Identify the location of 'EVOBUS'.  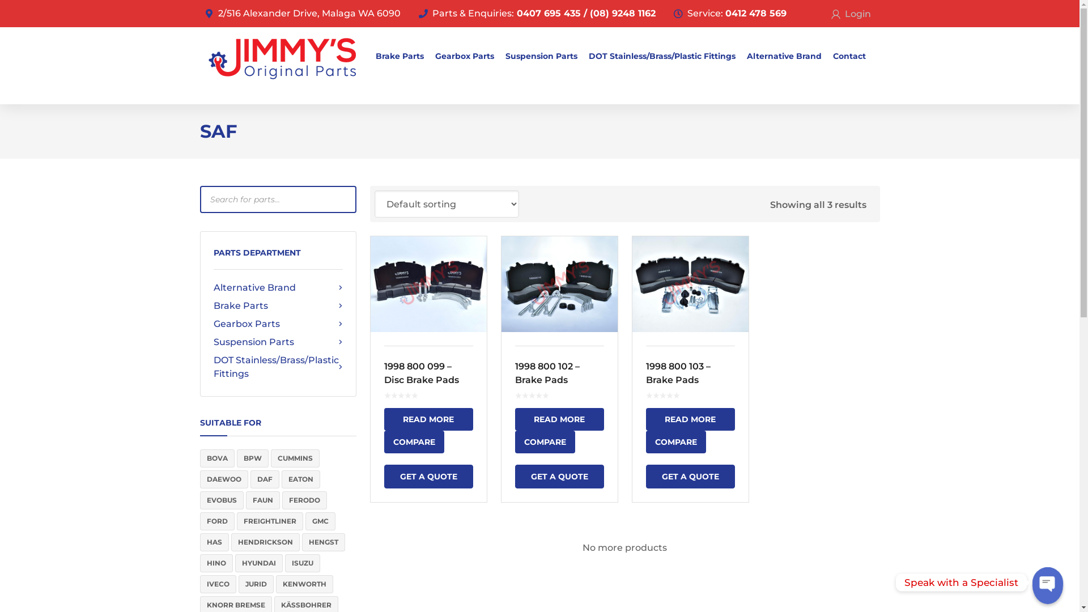
(221, 500).